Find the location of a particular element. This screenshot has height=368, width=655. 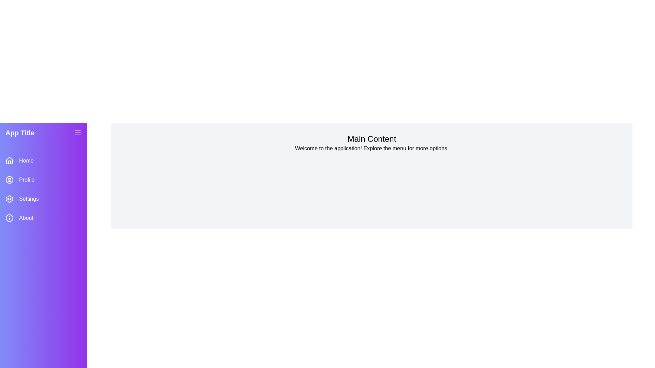

the sidebar menu item labeled Profile to navigate to the corresponding section is located at coordinates (43, 180).